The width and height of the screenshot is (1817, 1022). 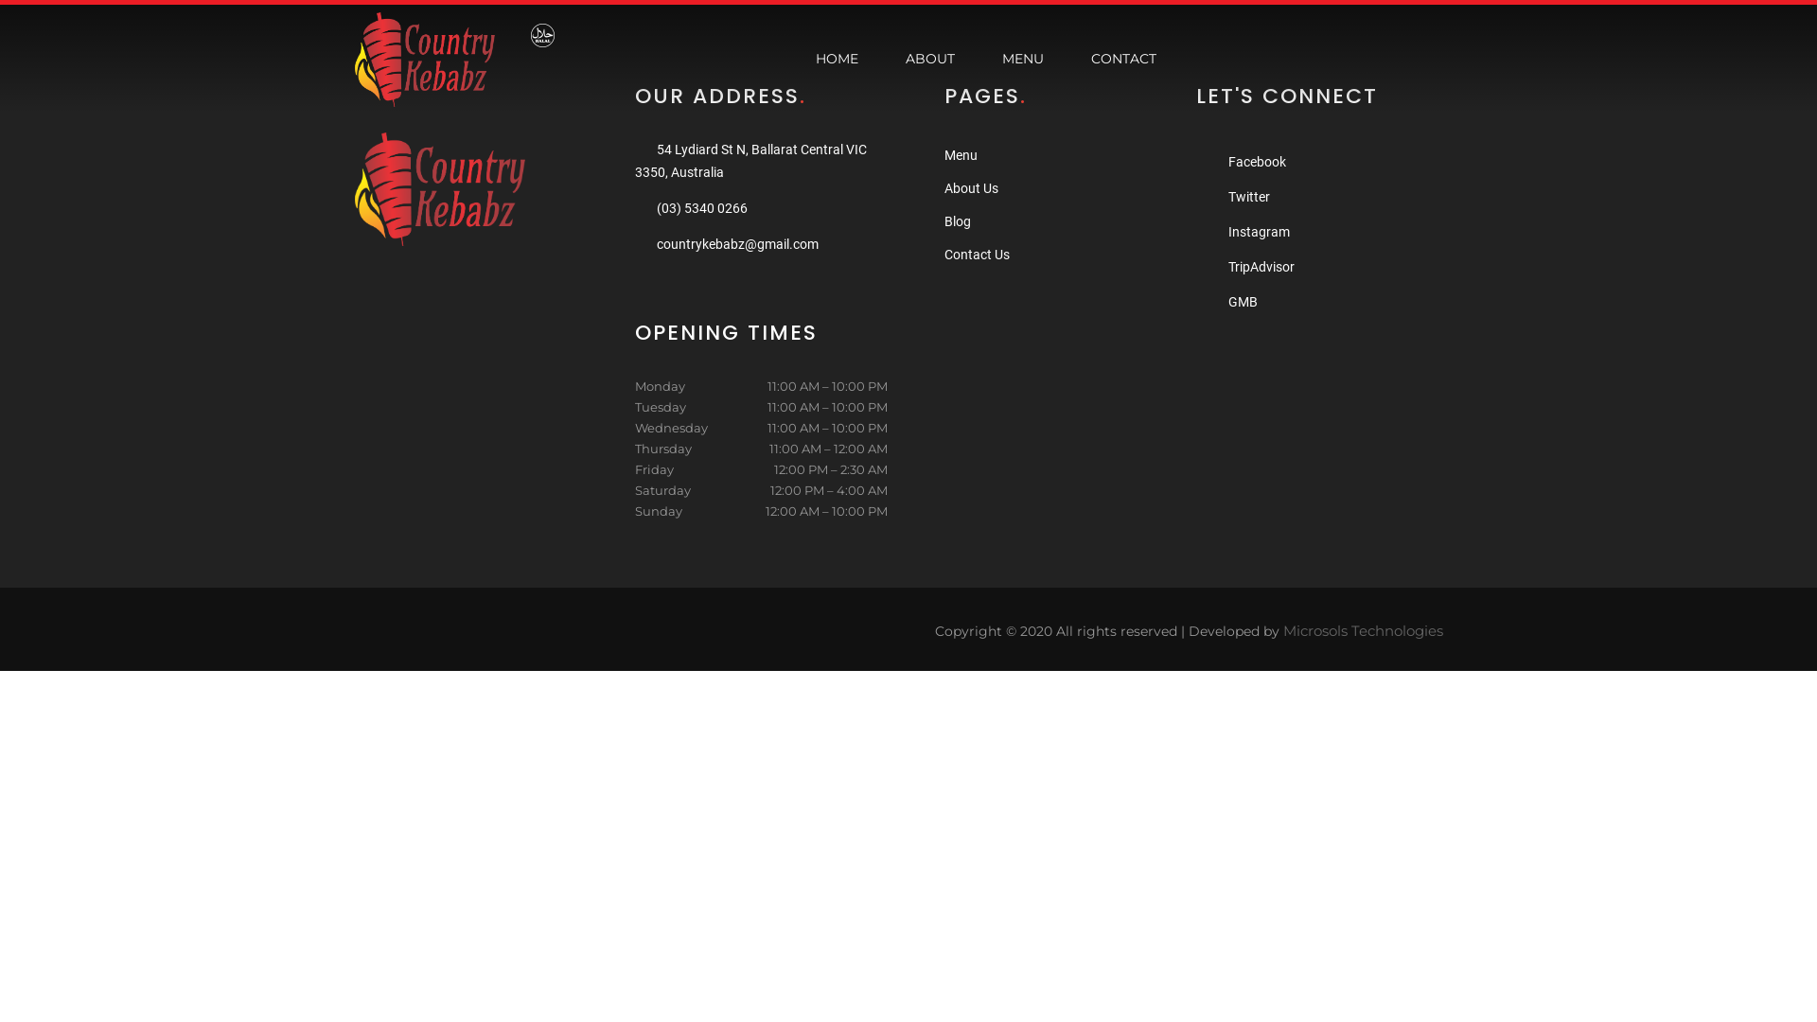 I want to click on 'About Us', so click(x=971, y=188).